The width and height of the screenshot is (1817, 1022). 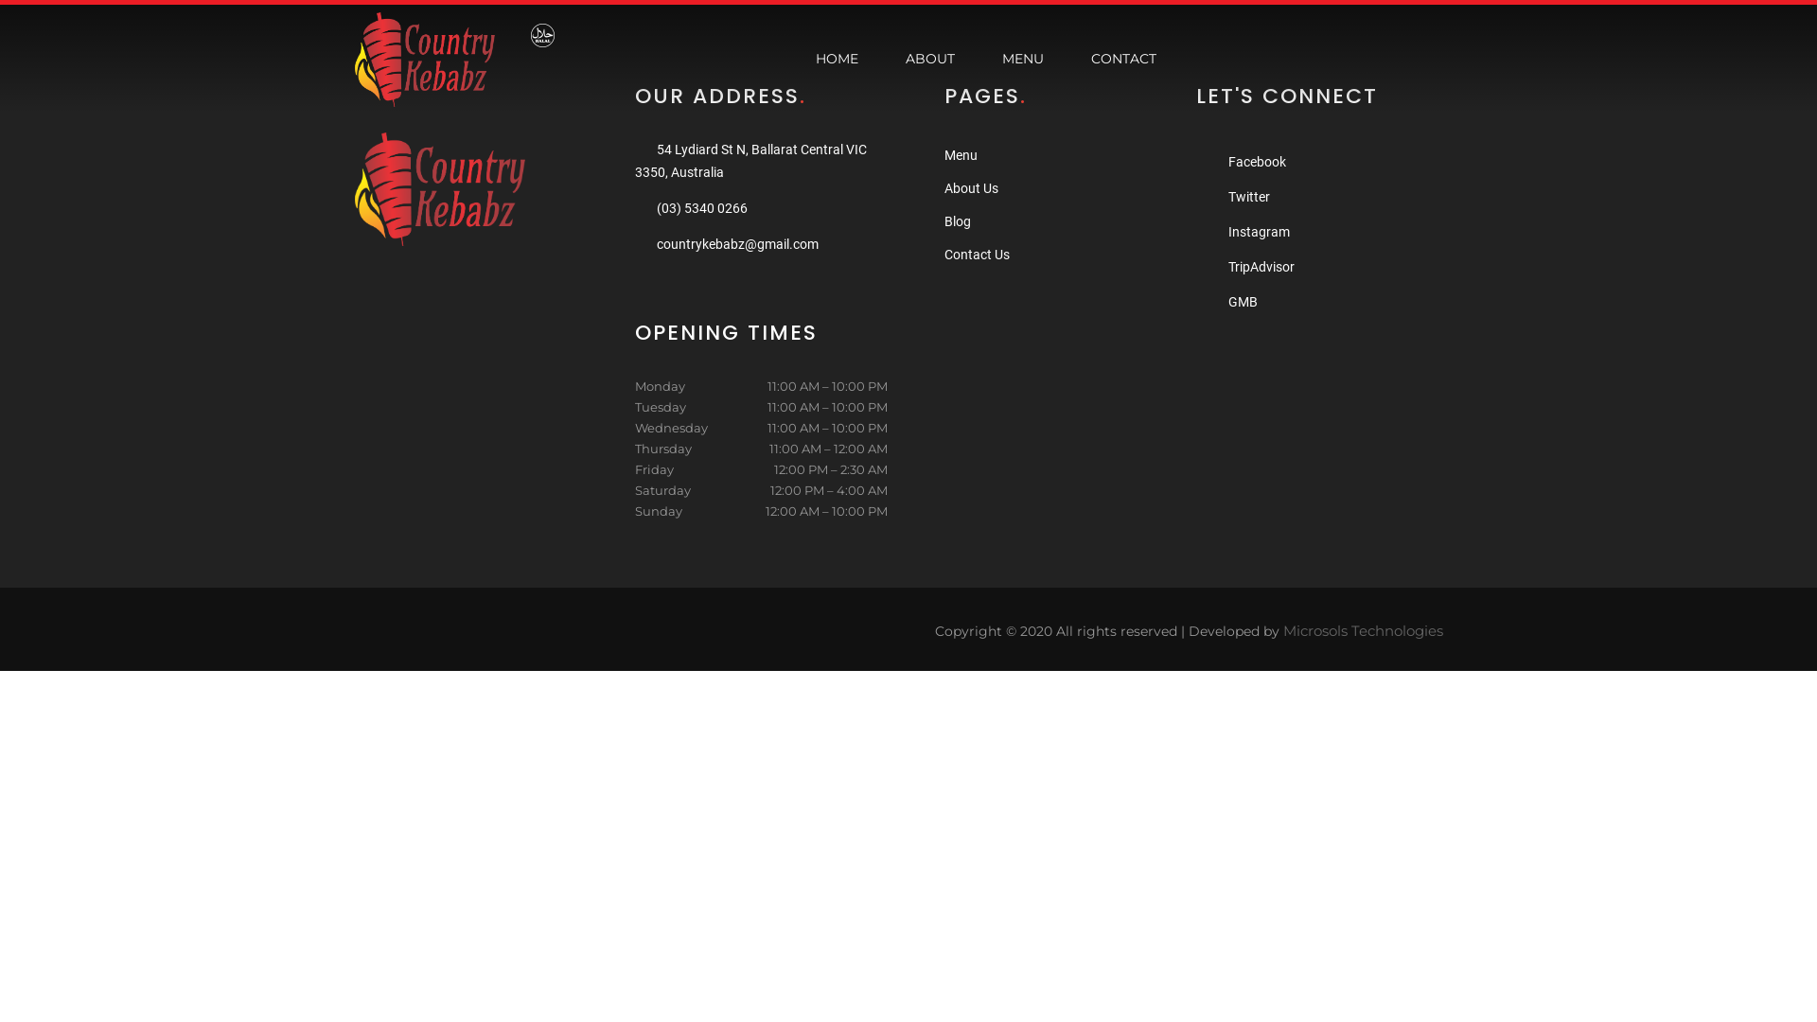 I want to click on 'About Us', so click(x=971, y=188).